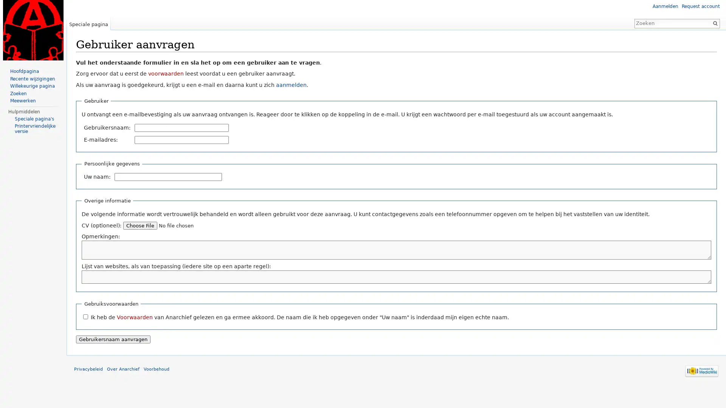 The width and height of the screenshot is (726, 408). I want to click on Gebruikersnaam aanvragen, so click(113, 339).